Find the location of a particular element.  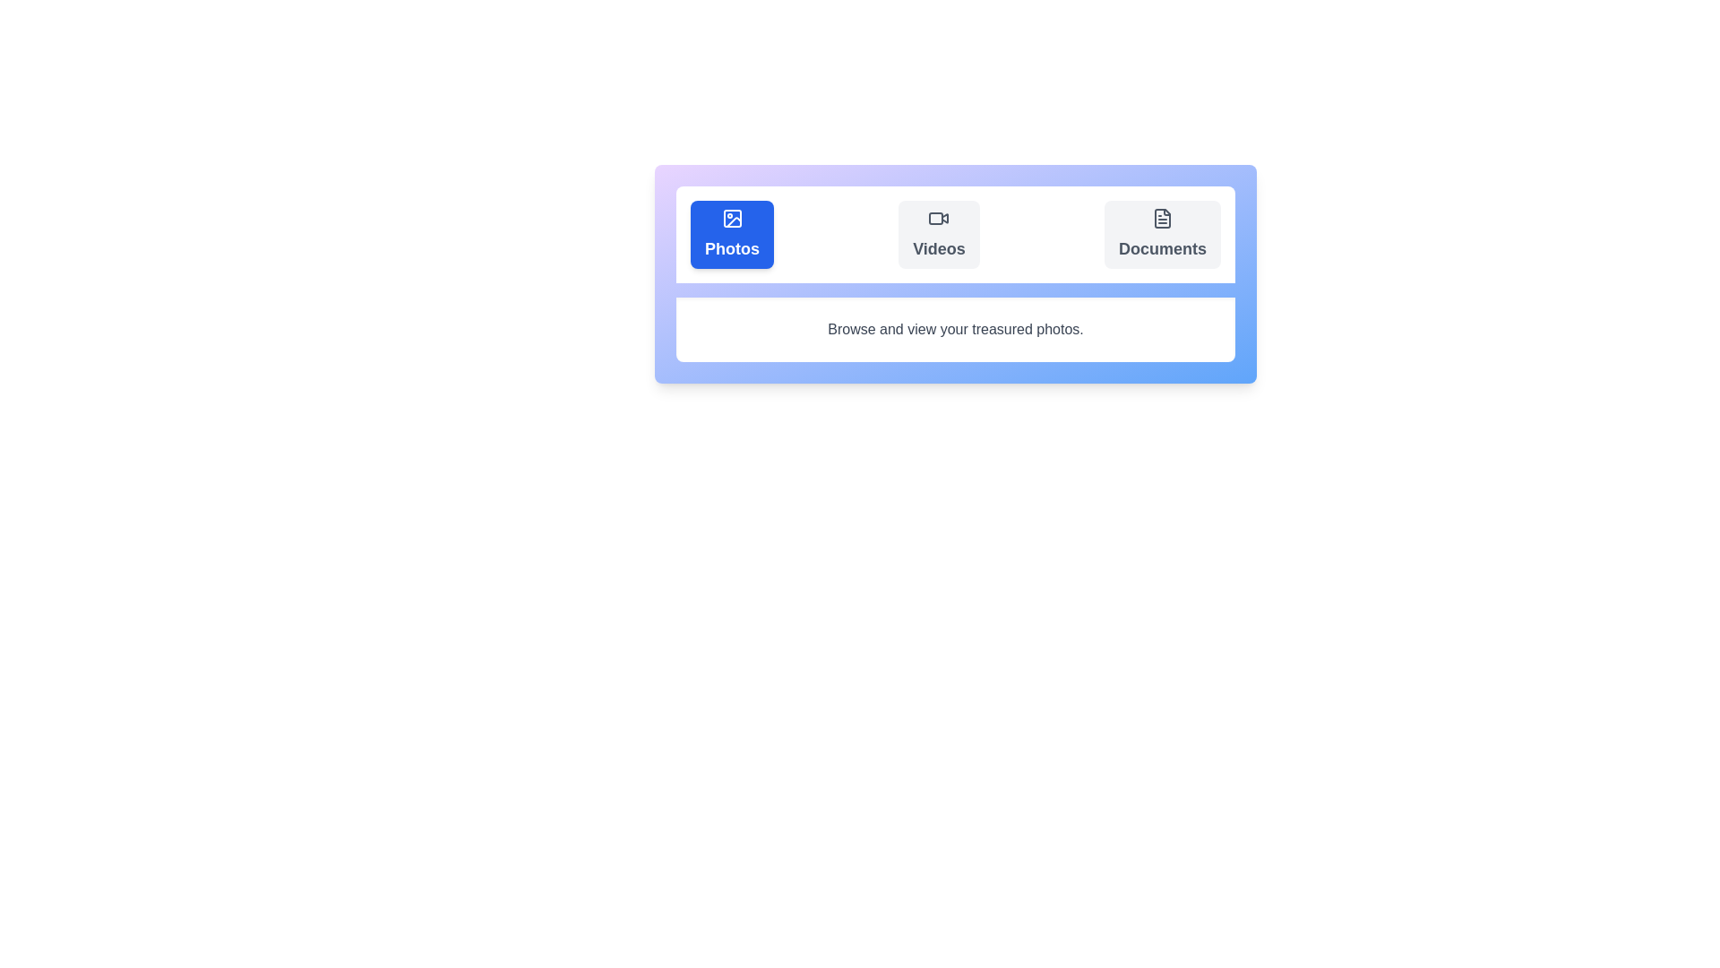

the decorative graphical SVG component that represents a photo, which is located inside the 'Photos' button on the upper left side of the interface is located at coordinates (732, 217).